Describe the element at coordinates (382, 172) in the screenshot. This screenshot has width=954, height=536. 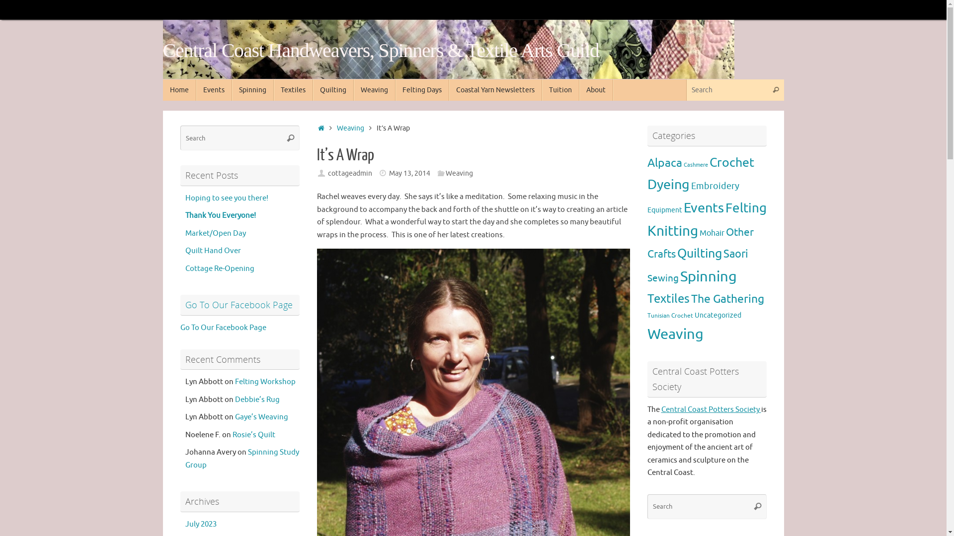
I see `'Date'` at that location.